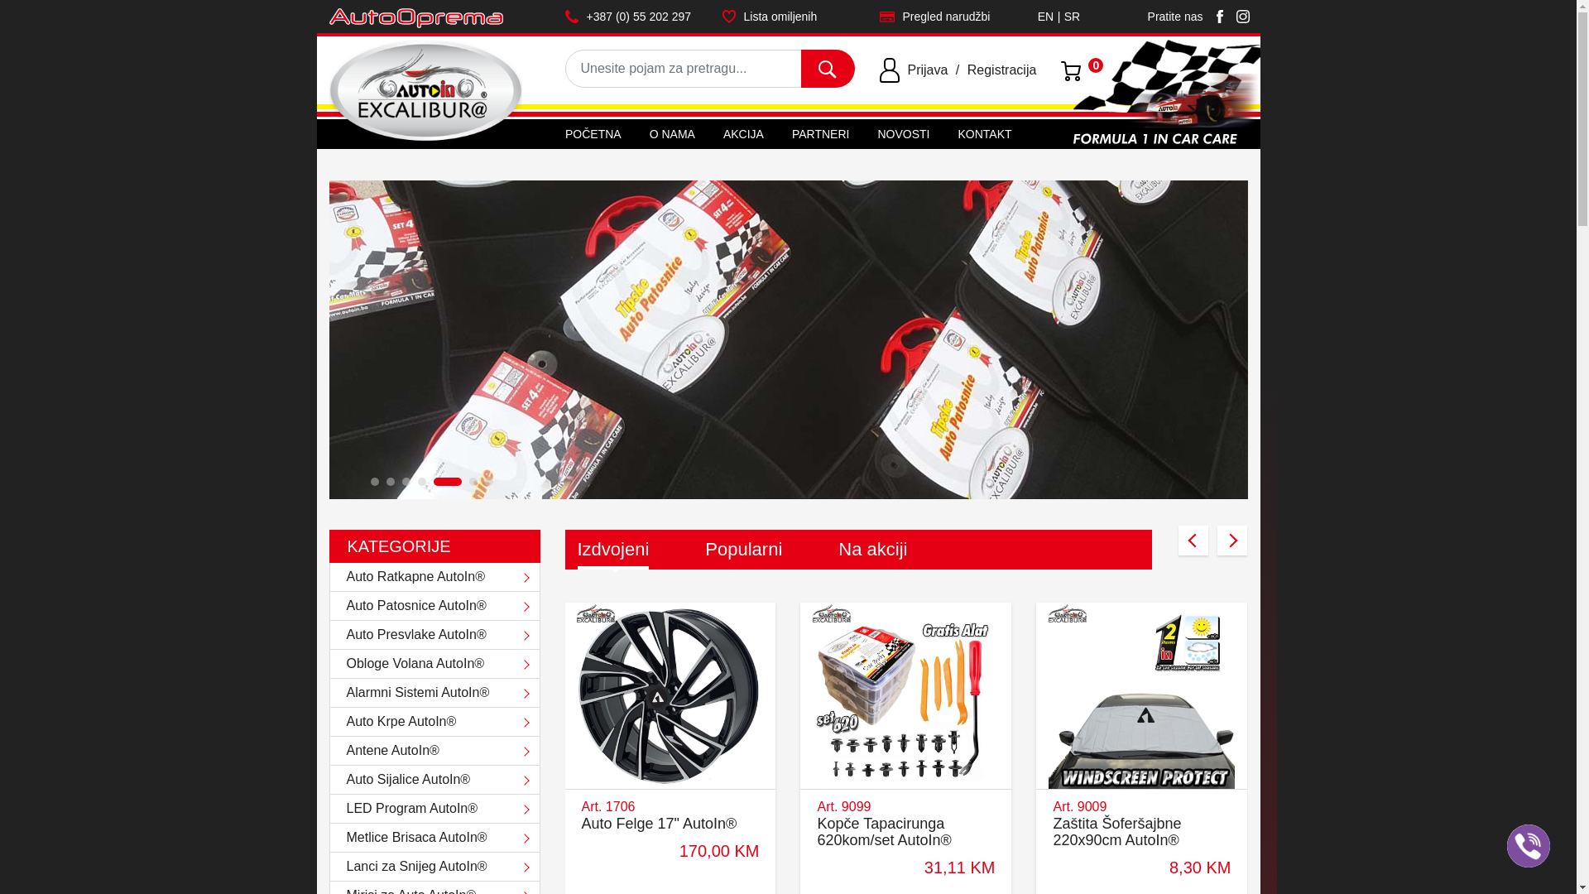 The width and height of the screenshot is (1589, 894). What do you see at coordinates (927, 69) in the screenshot?
I see `'Prijava'` at bounding box center [927, 69].